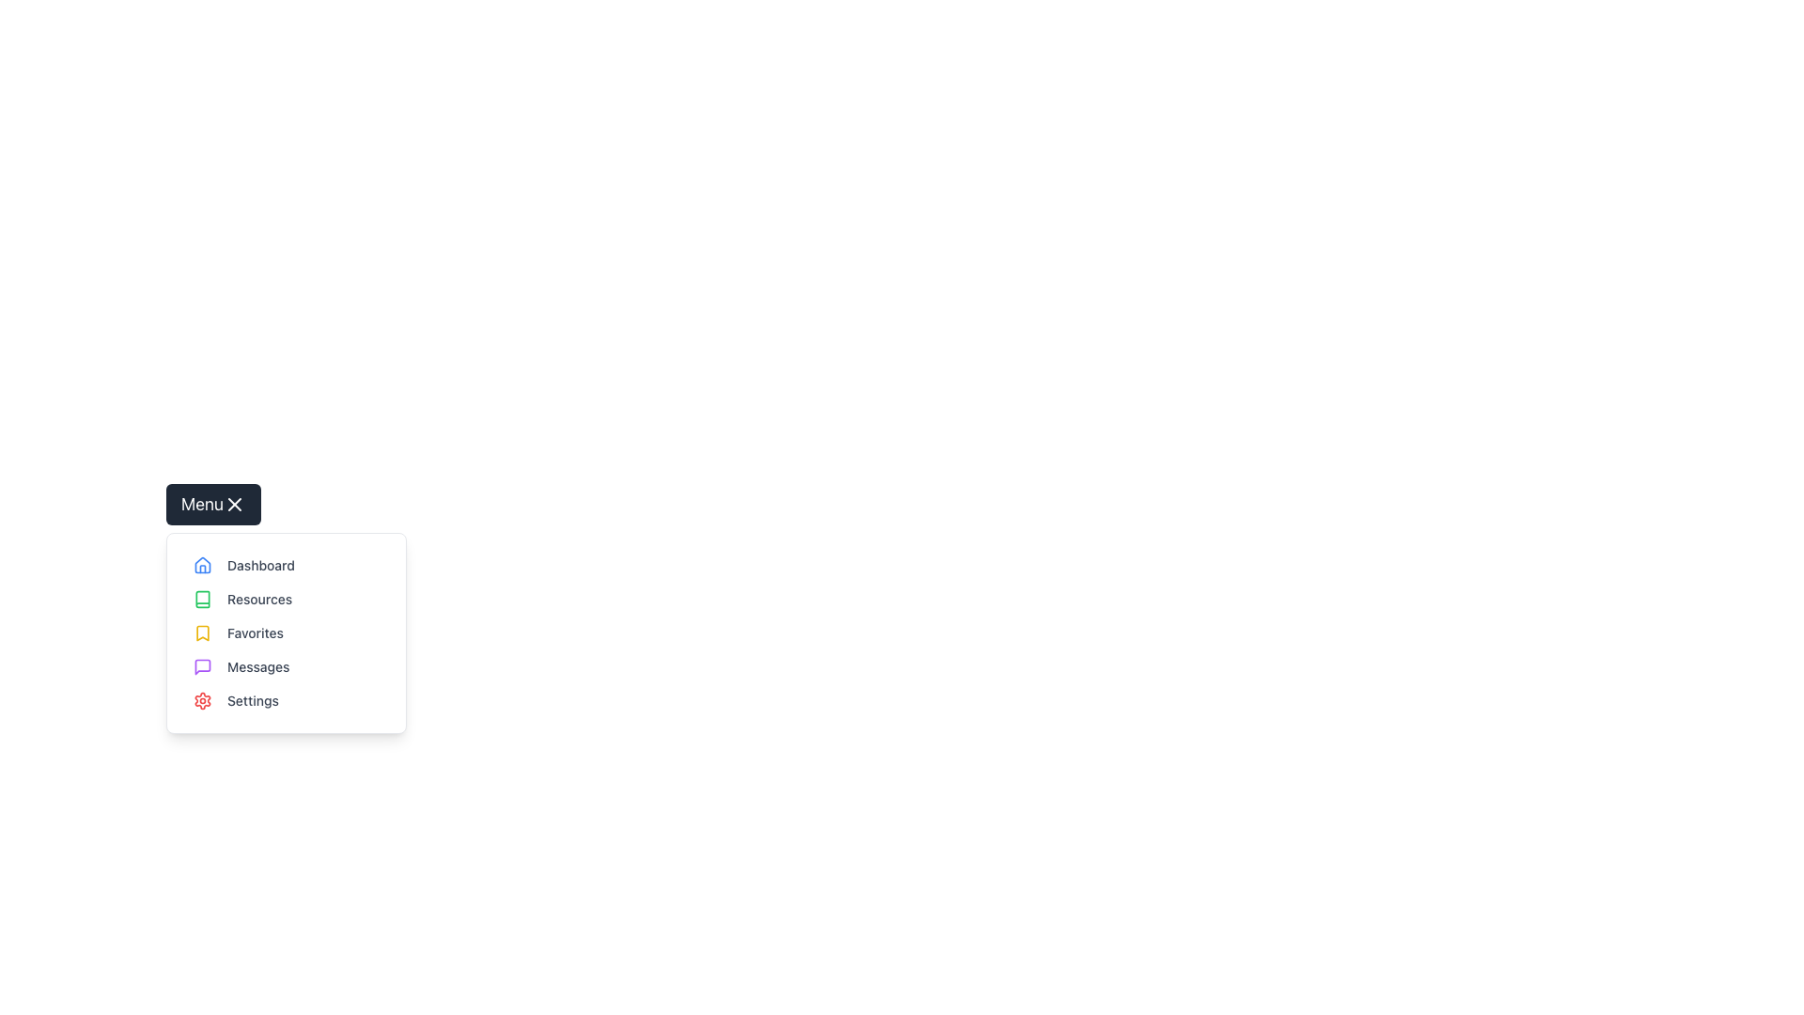  I want to click on the 'Messages' button located in the sidebar, which is the fourth item below 'Dashboard', 'Resources', and 'Favorites', and just above 'Settings', so click(286, 665).